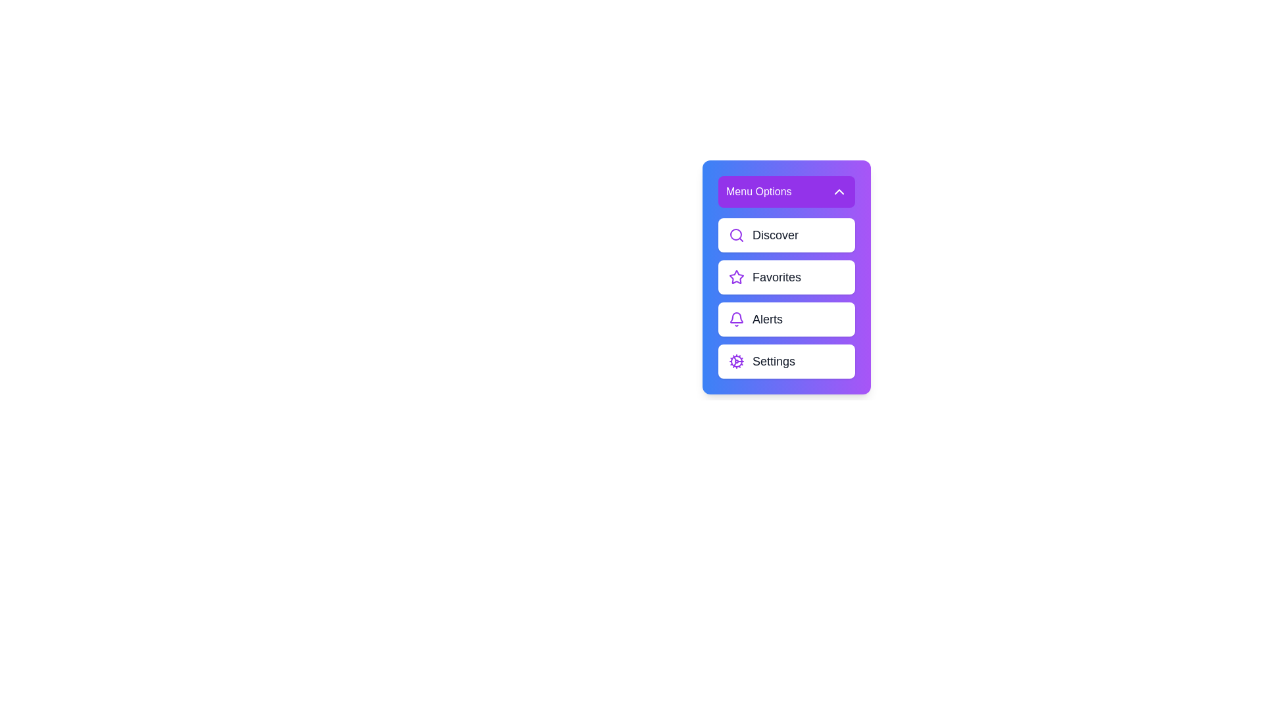 The image size is (1263, 710). What do you see at coordinates (839, 192) in the screenshot?
I see `the toggle icon located at the top right corner of the 'Menu Options' header section` at bounding box center [839, 192].